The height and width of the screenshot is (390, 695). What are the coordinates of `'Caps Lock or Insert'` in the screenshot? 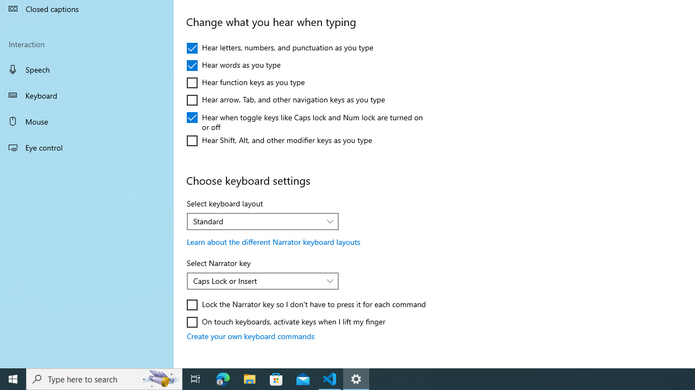 It's located at (256, 280).